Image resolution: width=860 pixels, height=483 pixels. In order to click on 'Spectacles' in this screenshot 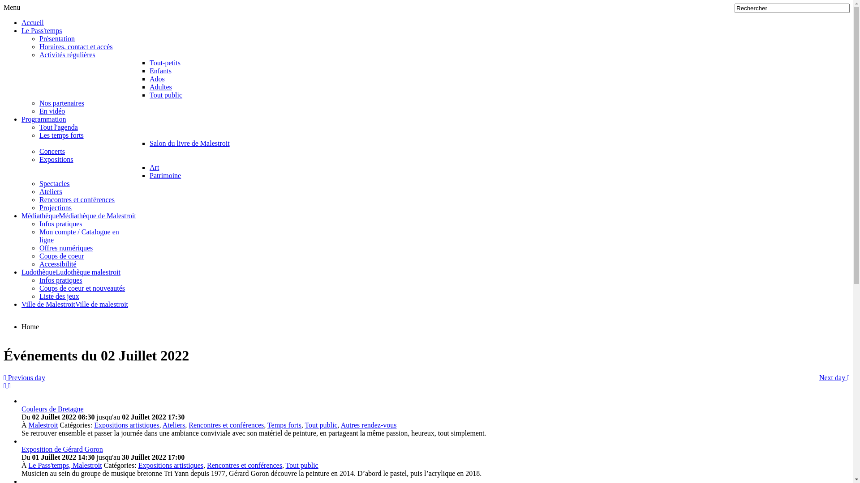, I will do `click(54, 183)`.